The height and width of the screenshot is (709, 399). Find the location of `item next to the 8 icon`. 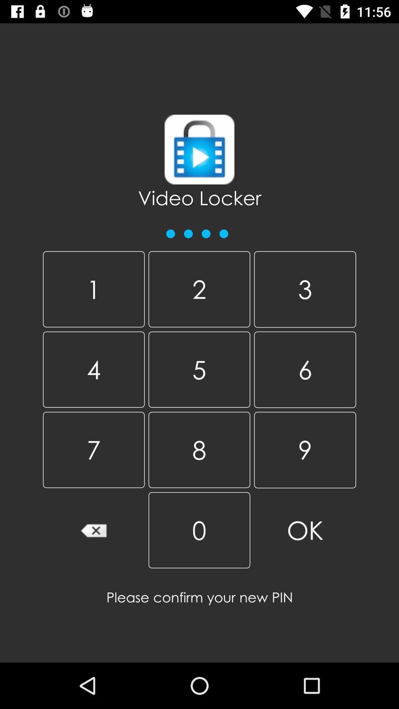

item next to the 8 icon is located at coordinates (305, 530).